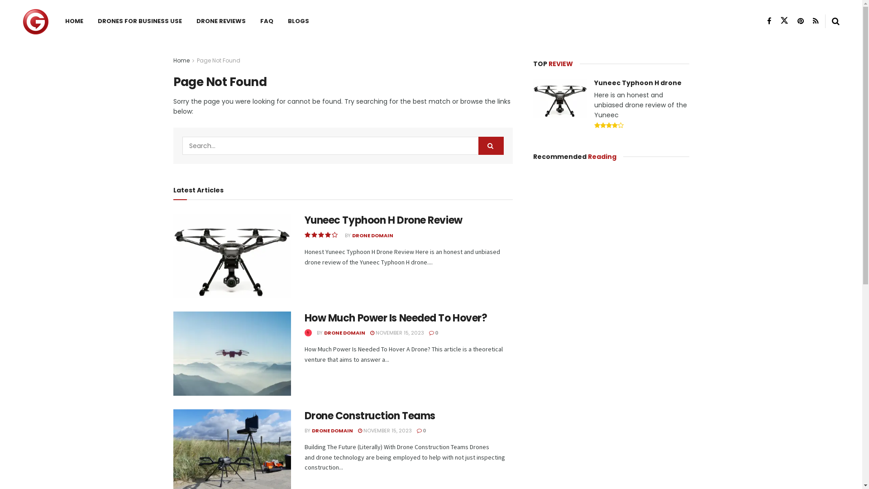 This screenshot has width=869, height=489. I want to click on 'DRONE DOMAIN', so click(344, 333).